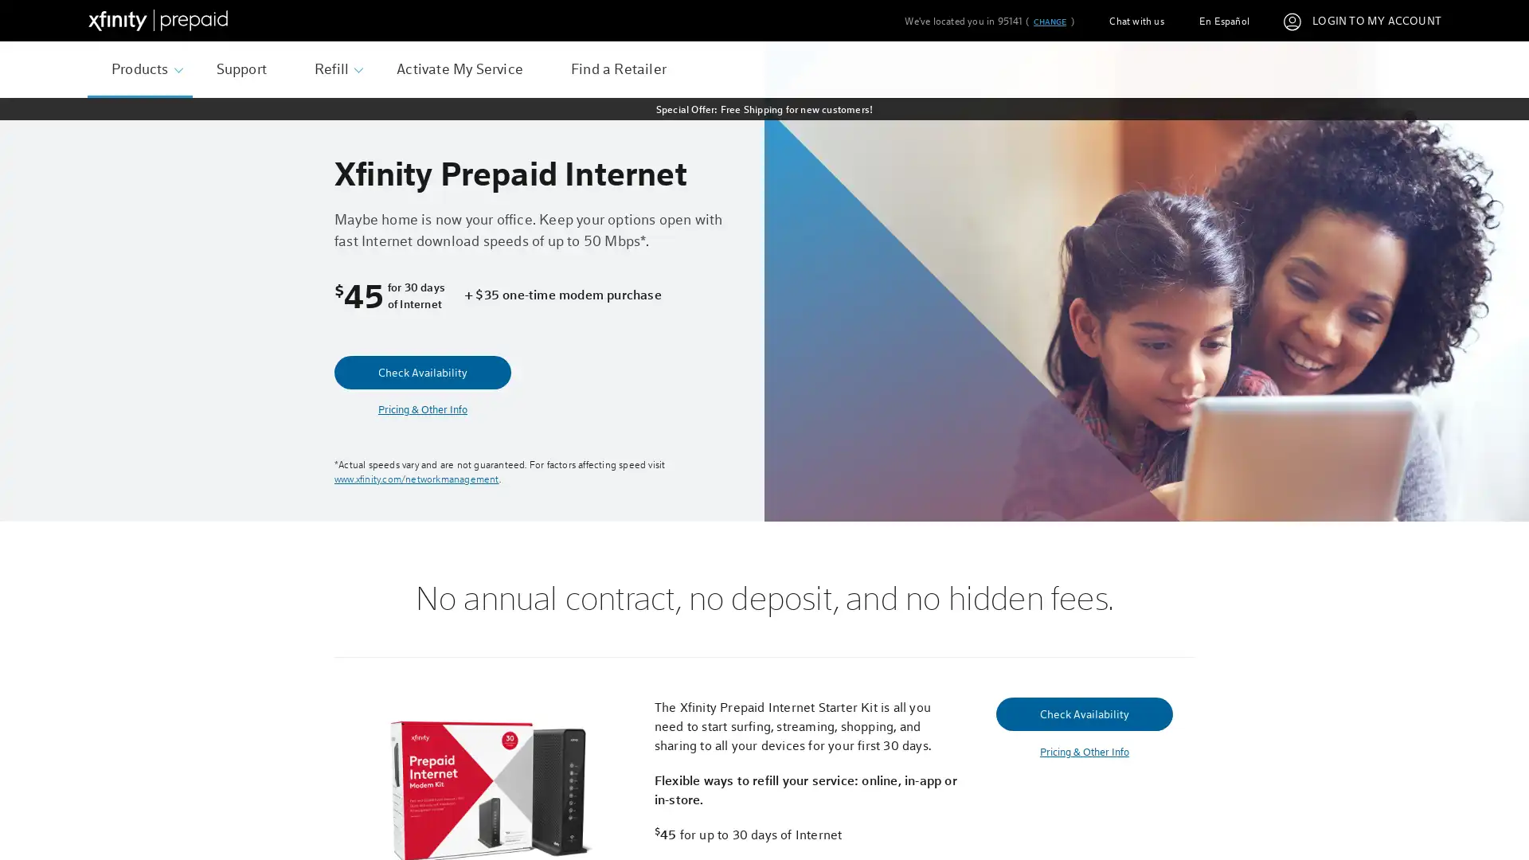 This screenshot has width=1529, height=860. I want to click on Check Availability, so click(423, 372).